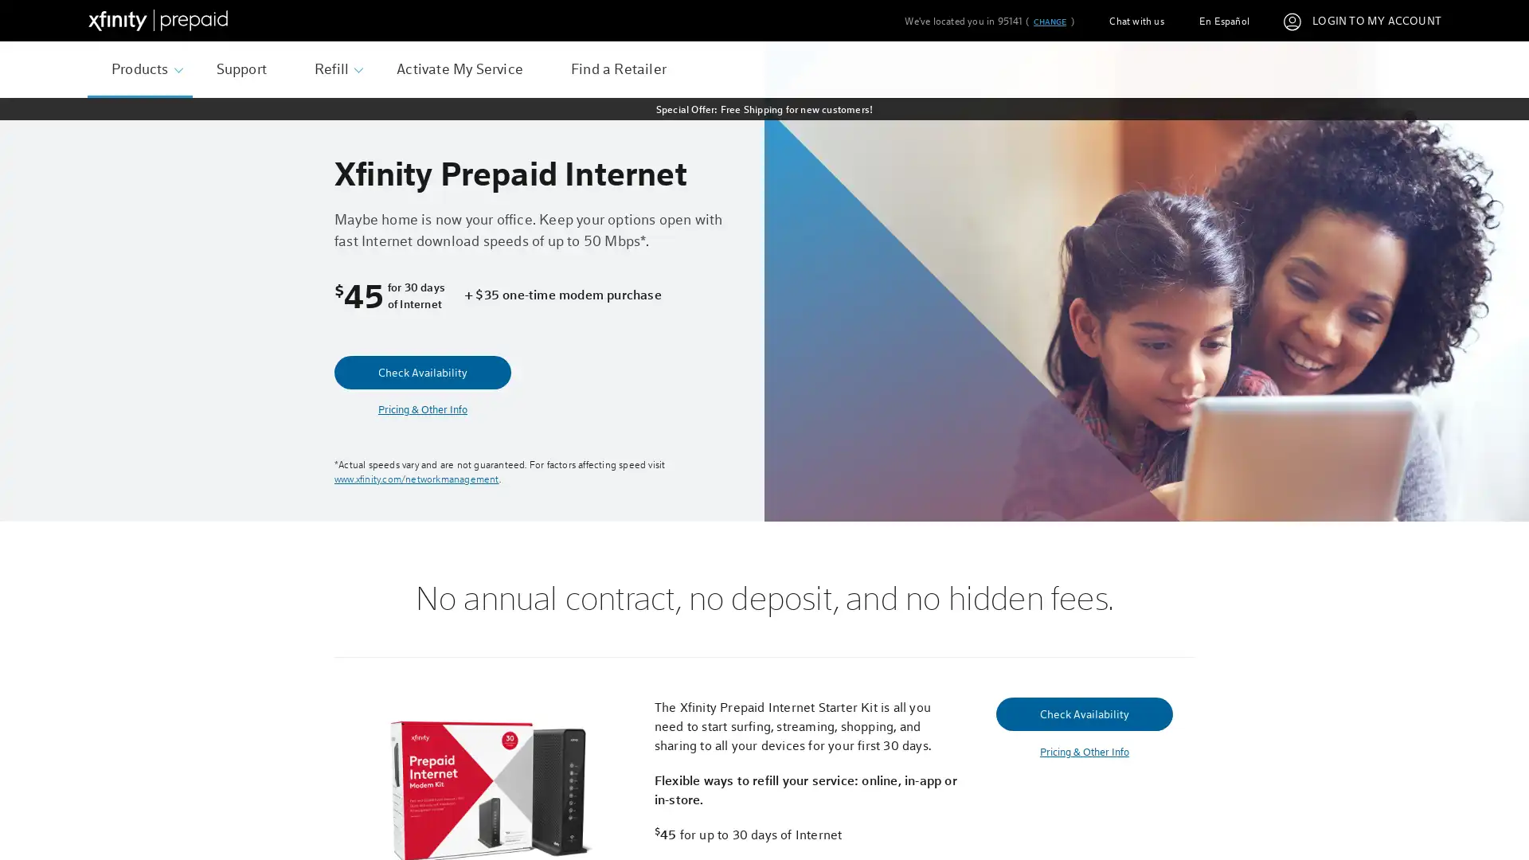 This screenshot has width=1529, height=860. I want to click on Check Availability, so click(423, 372).